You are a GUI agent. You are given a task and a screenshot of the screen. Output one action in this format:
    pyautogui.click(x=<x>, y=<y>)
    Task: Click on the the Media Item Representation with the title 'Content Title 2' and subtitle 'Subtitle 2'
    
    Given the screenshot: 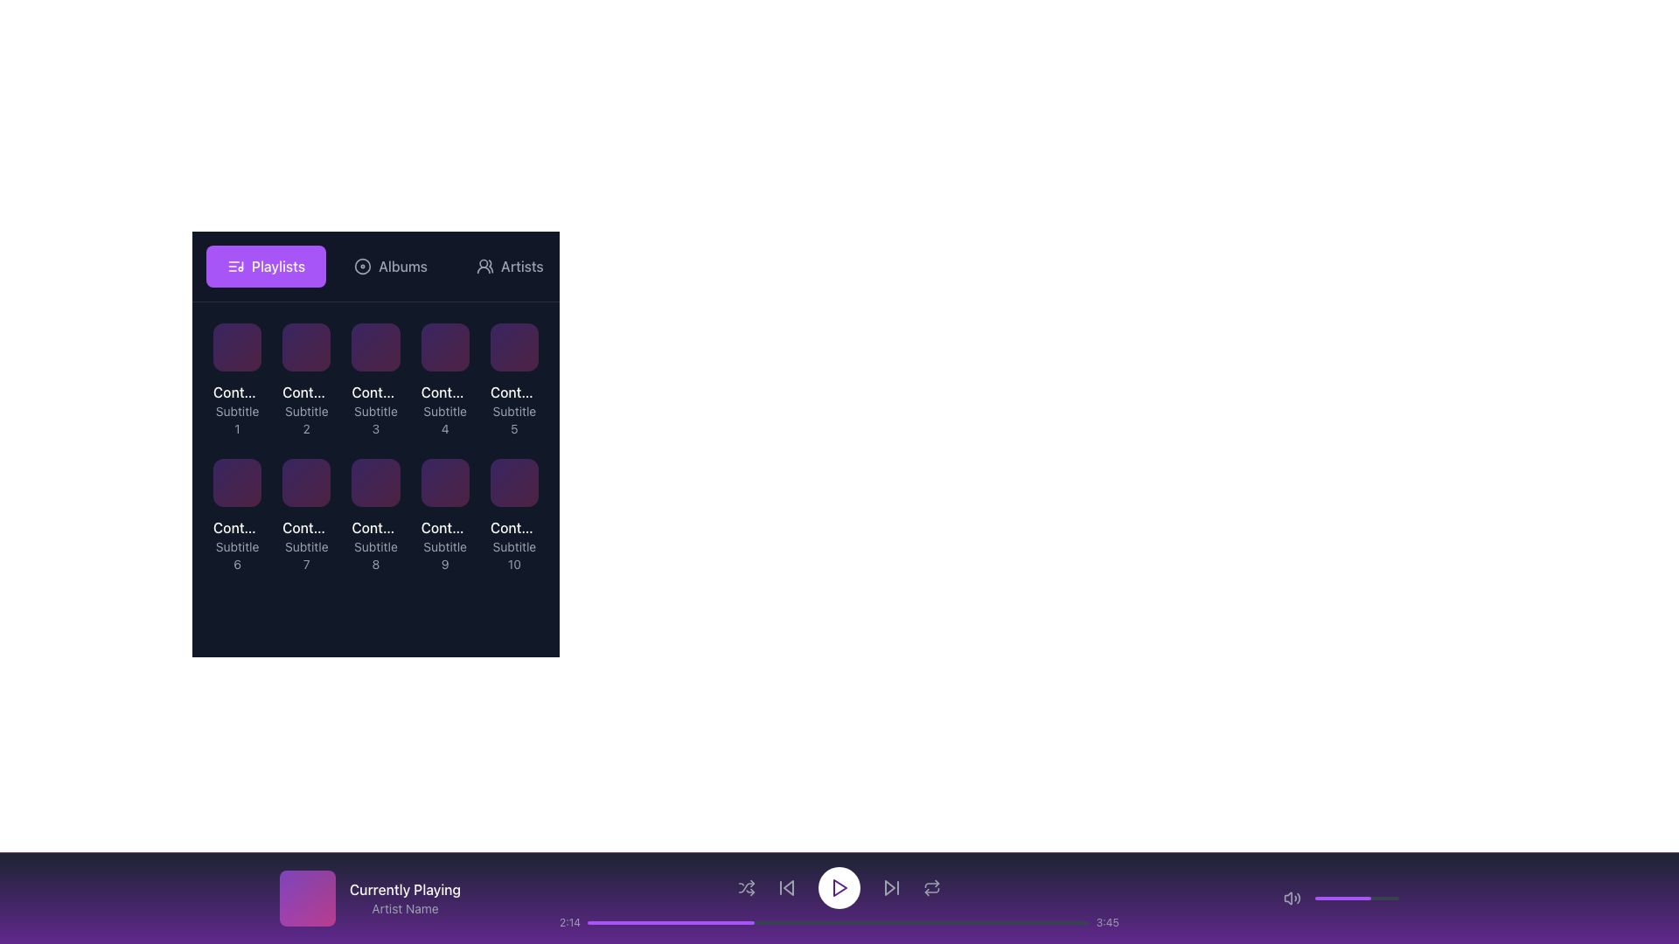 What is the action you would take?
    pyautogui.click(x=306, y=379)
    